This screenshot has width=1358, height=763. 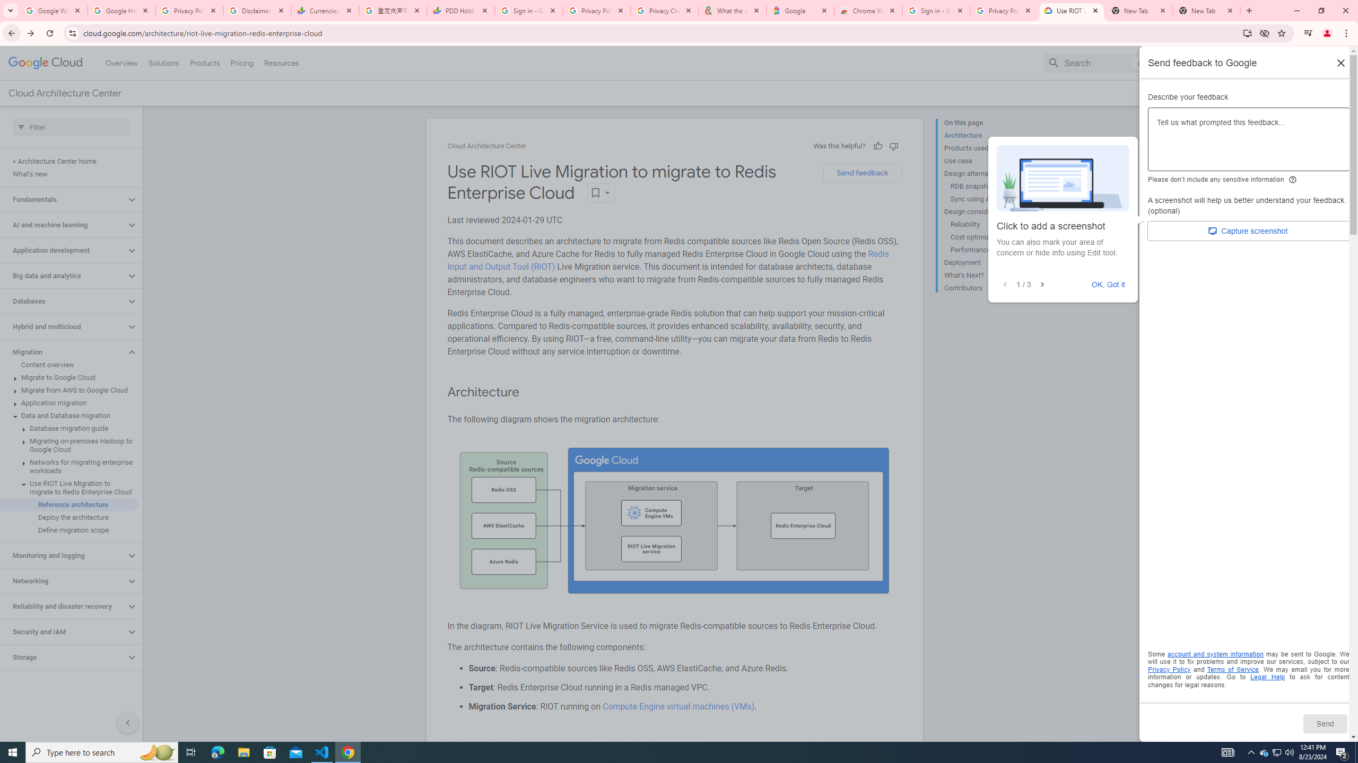 I want to click on 'Fundamentals', so click(x=63, y=199).